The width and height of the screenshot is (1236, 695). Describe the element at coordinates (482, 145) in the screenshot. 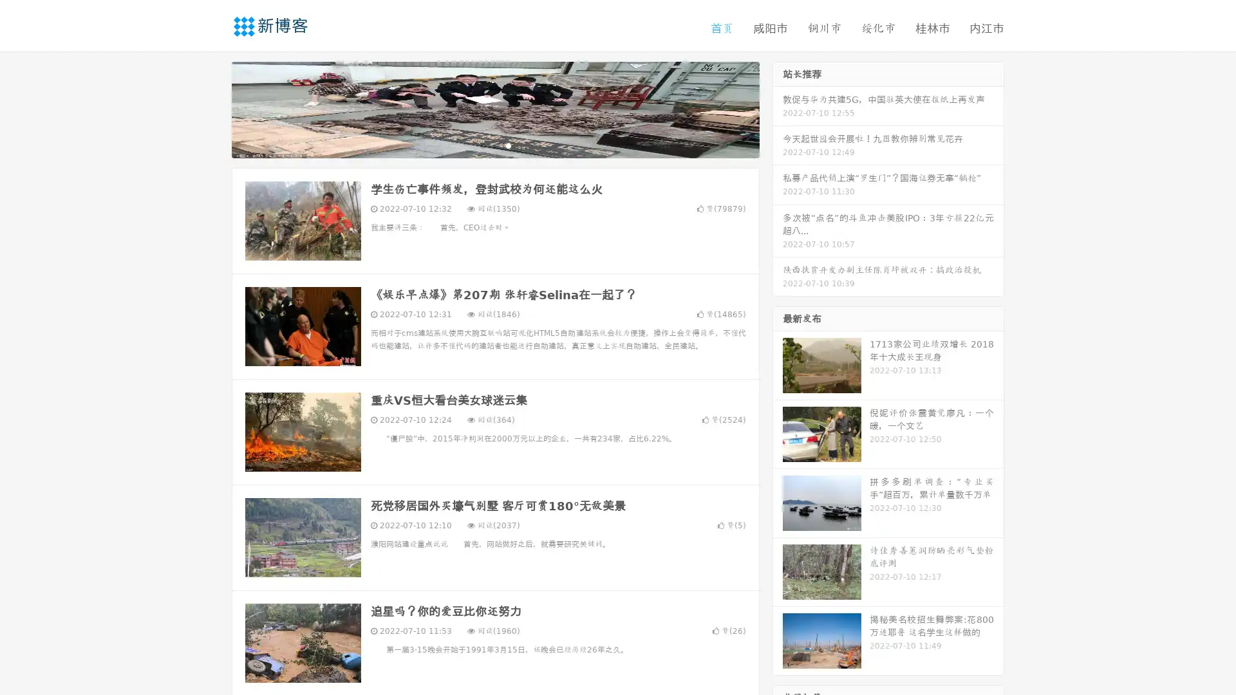

I see `Go to slide 1` at that location.